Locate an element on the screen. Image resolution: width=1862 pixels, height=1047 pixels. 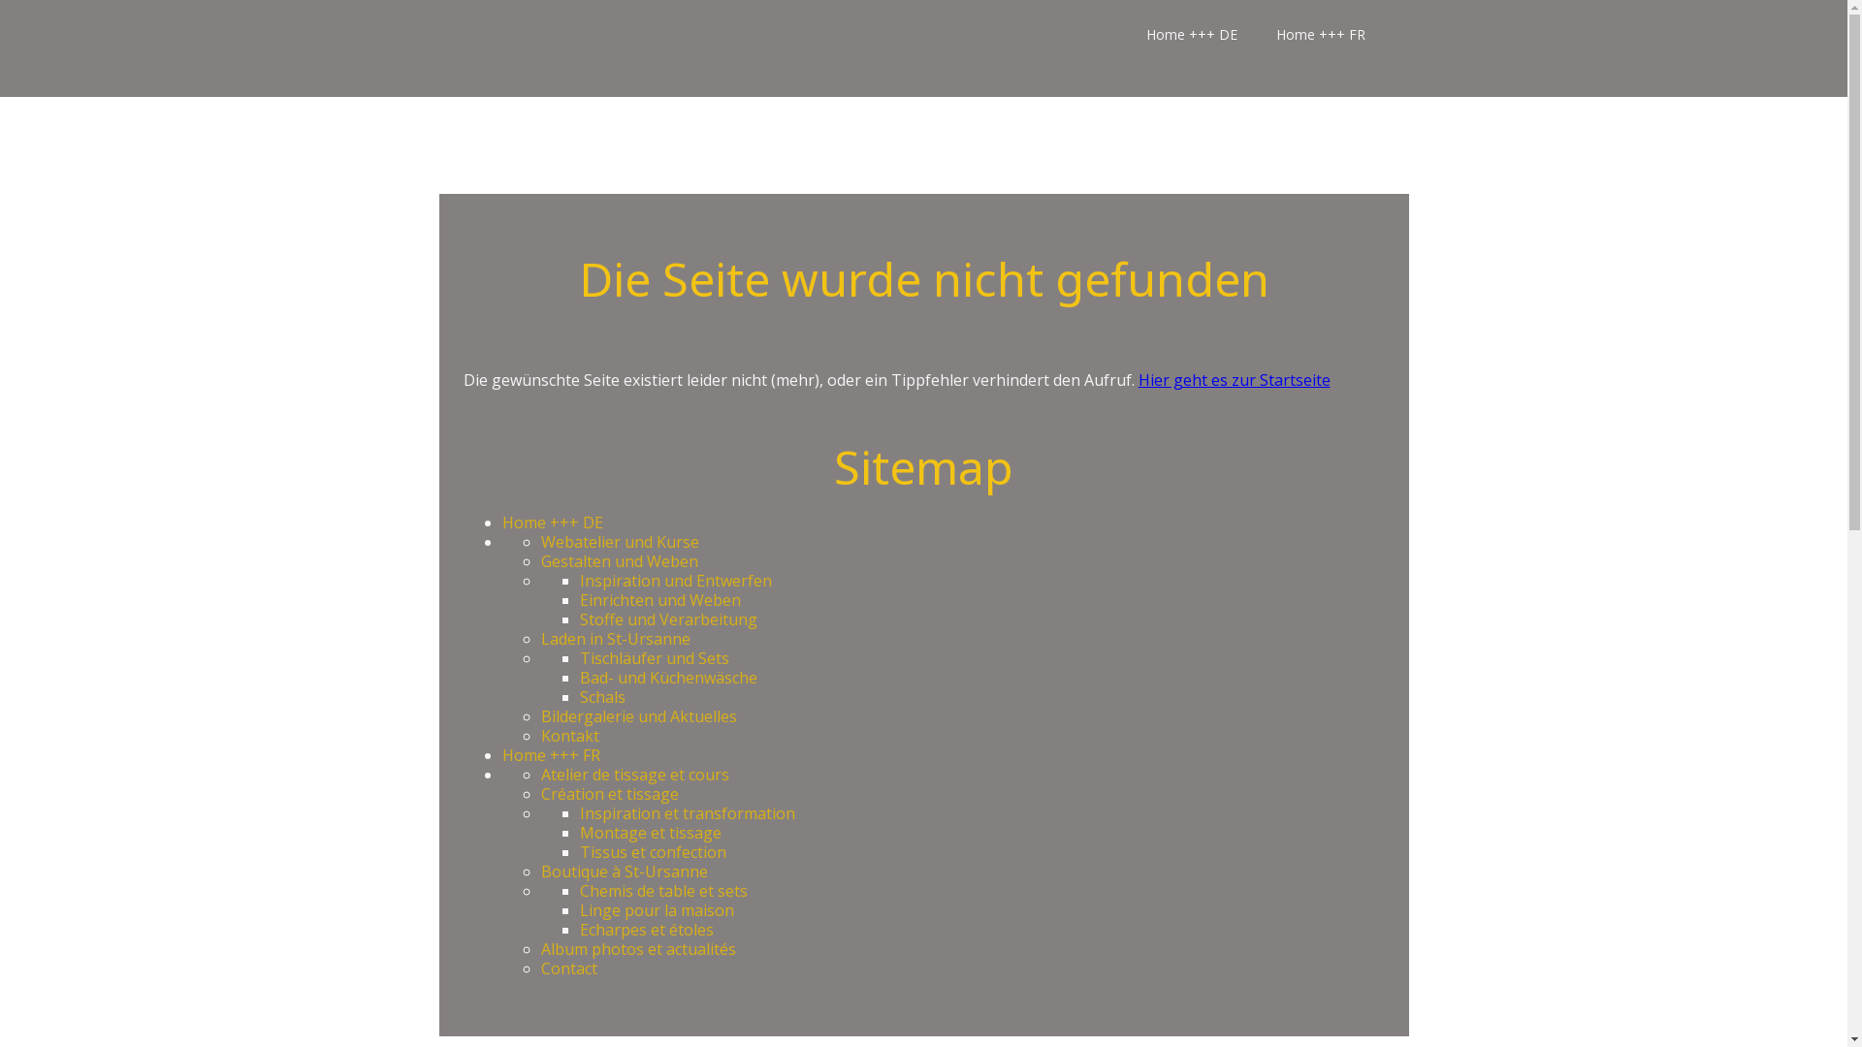
'Montage et tissage' is located at coordinates (651, 832).